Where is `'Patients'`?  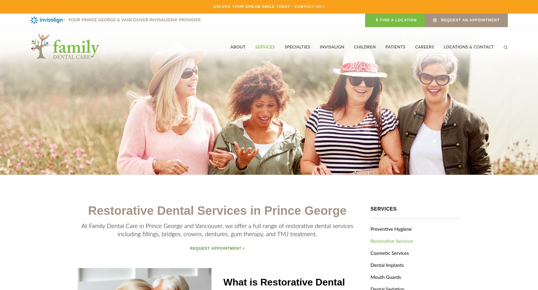 'Patients' is located at coordinates (385, 47).